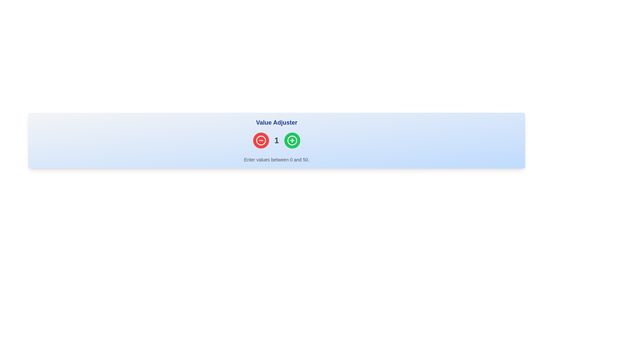  What do you see at coordinates (292, 140) in the screenshot?
I see `the circular increment button with a green background and a white border, featuring a plus sign, located in the interactive header labeled 'Value Adjuster' to increment the value` at bounding box center [292, 140].